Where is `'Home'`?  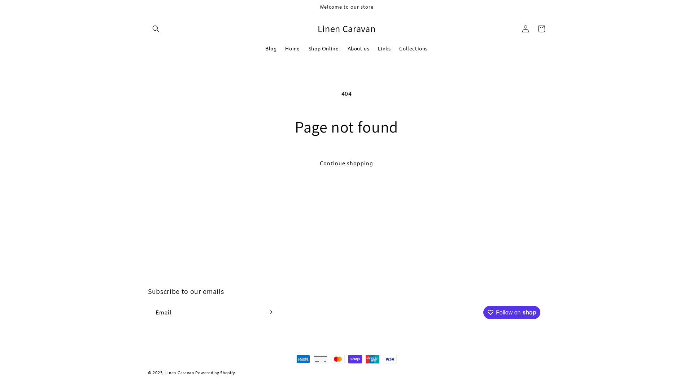 'Home' is located at coordinates (292, 48).